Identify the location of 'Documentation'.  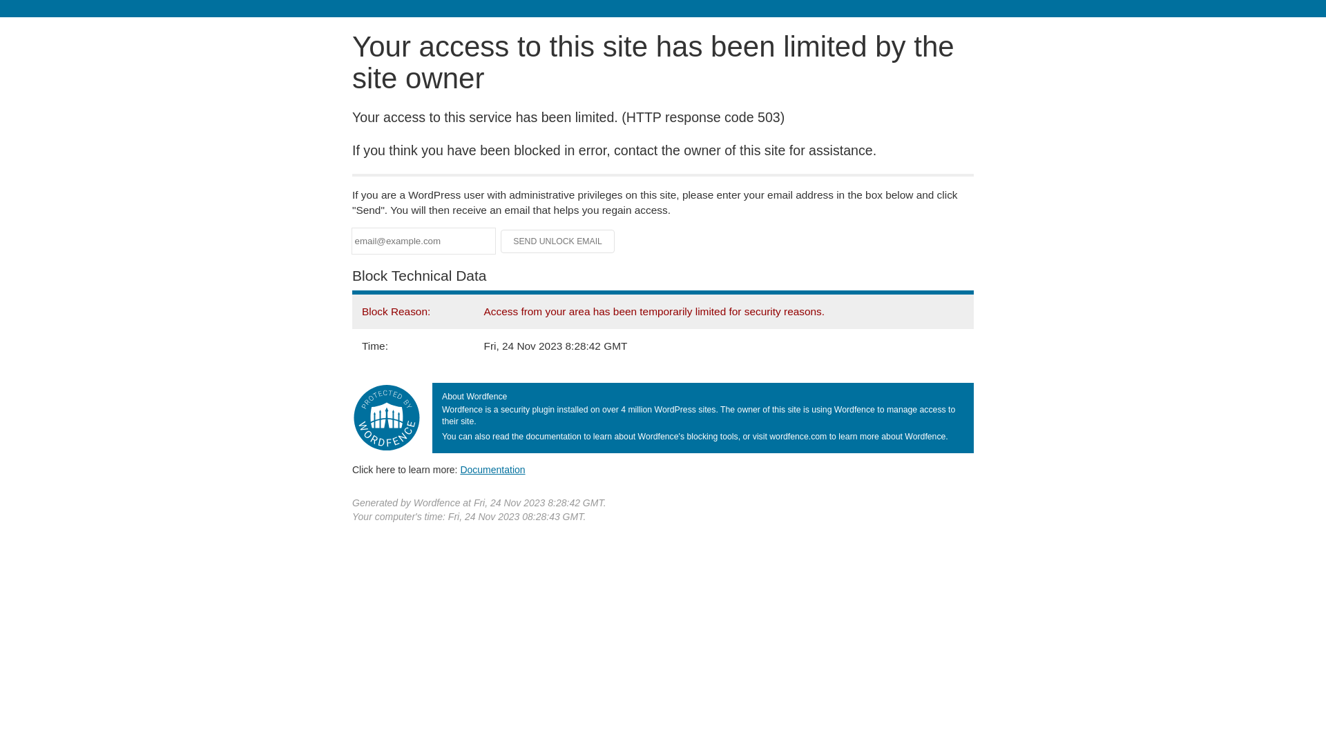
(492, 469).